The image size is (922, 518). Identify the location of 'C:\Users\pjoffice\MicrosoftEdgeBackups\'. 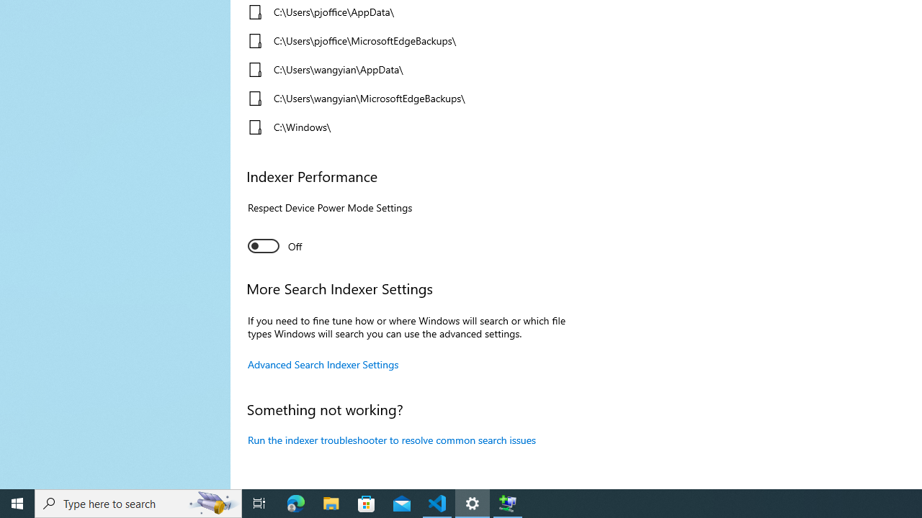
(405, 40).